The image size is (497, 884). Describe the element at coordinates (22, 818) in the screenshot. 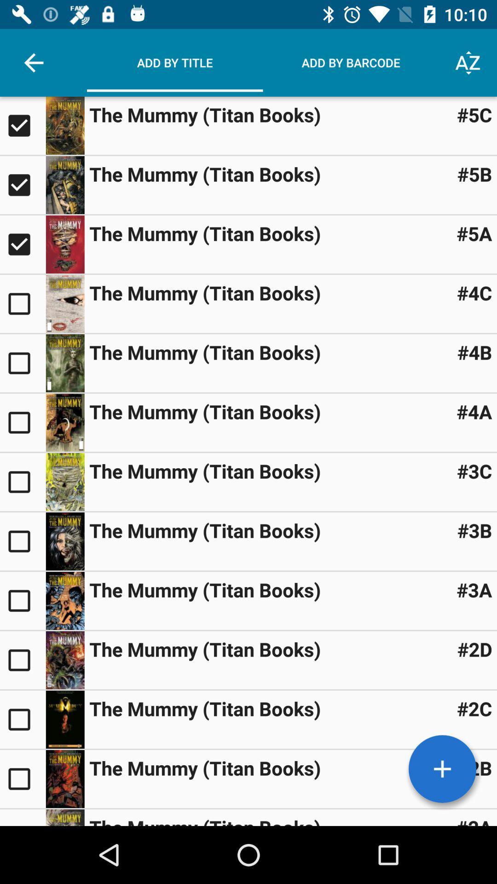

I see `mark the selection` at that location.